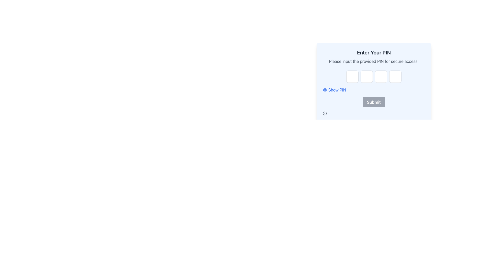 This screenshot has width=491, height=276. What do you see at coordinates (325, 113) in the screenshot?
I see `the SVG Shape (Circle) element, which is part of an informational icon located in the right section of the interface, below the 'Show PIN' link and to the left of the 'Submit' button` at bounding box center [325, 113].